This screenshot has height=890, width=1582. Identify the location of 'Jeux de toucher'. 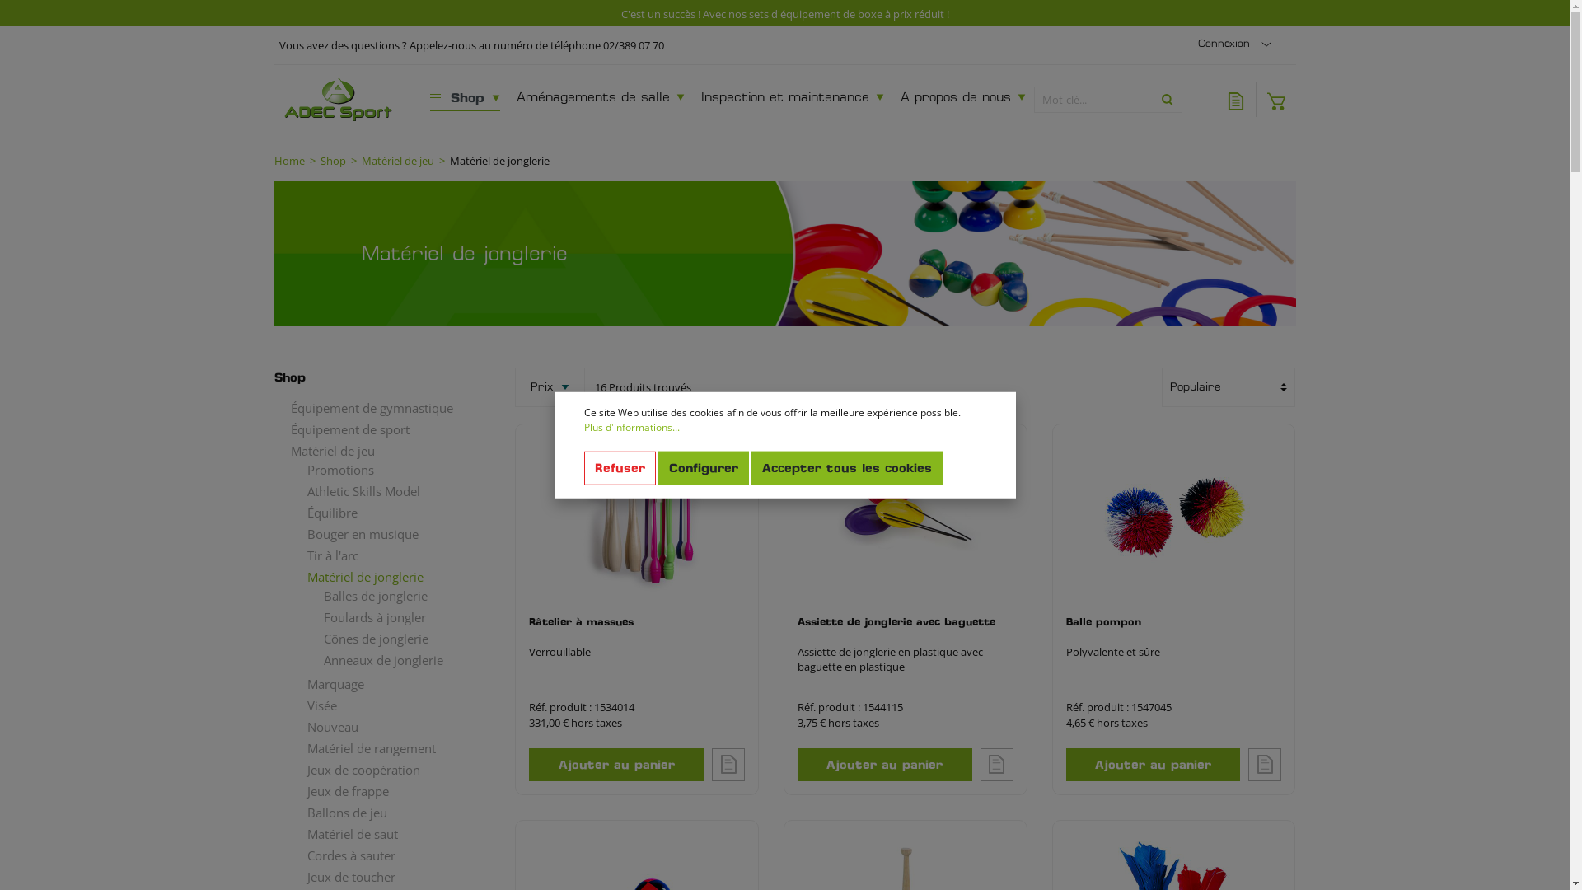
(385, 876).